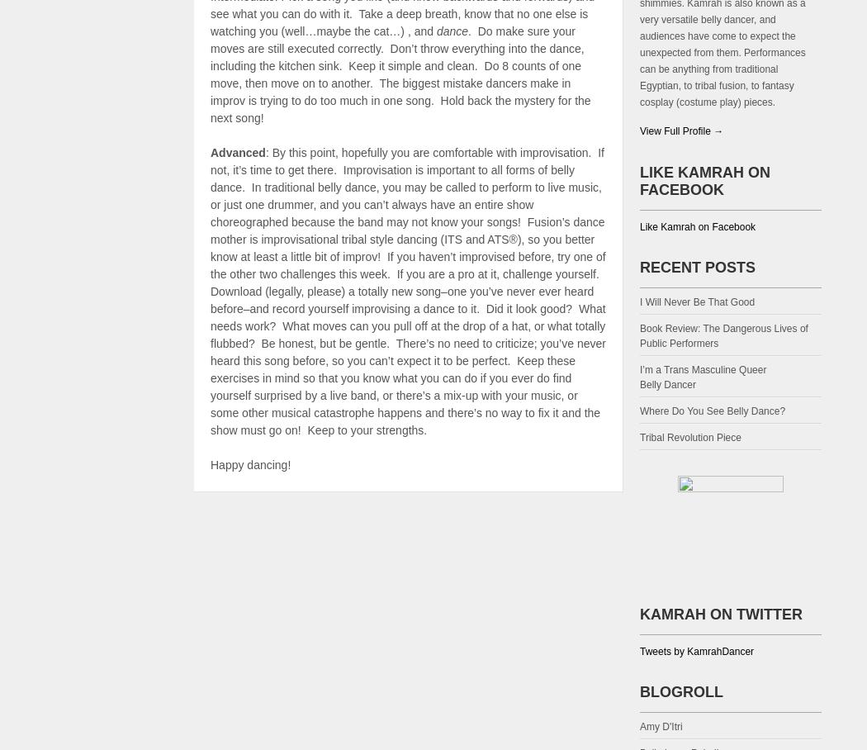  Describe the element at coordinates (690, 437) in the screenshot. I see `'Tribal Revolution Piece'` at that location.